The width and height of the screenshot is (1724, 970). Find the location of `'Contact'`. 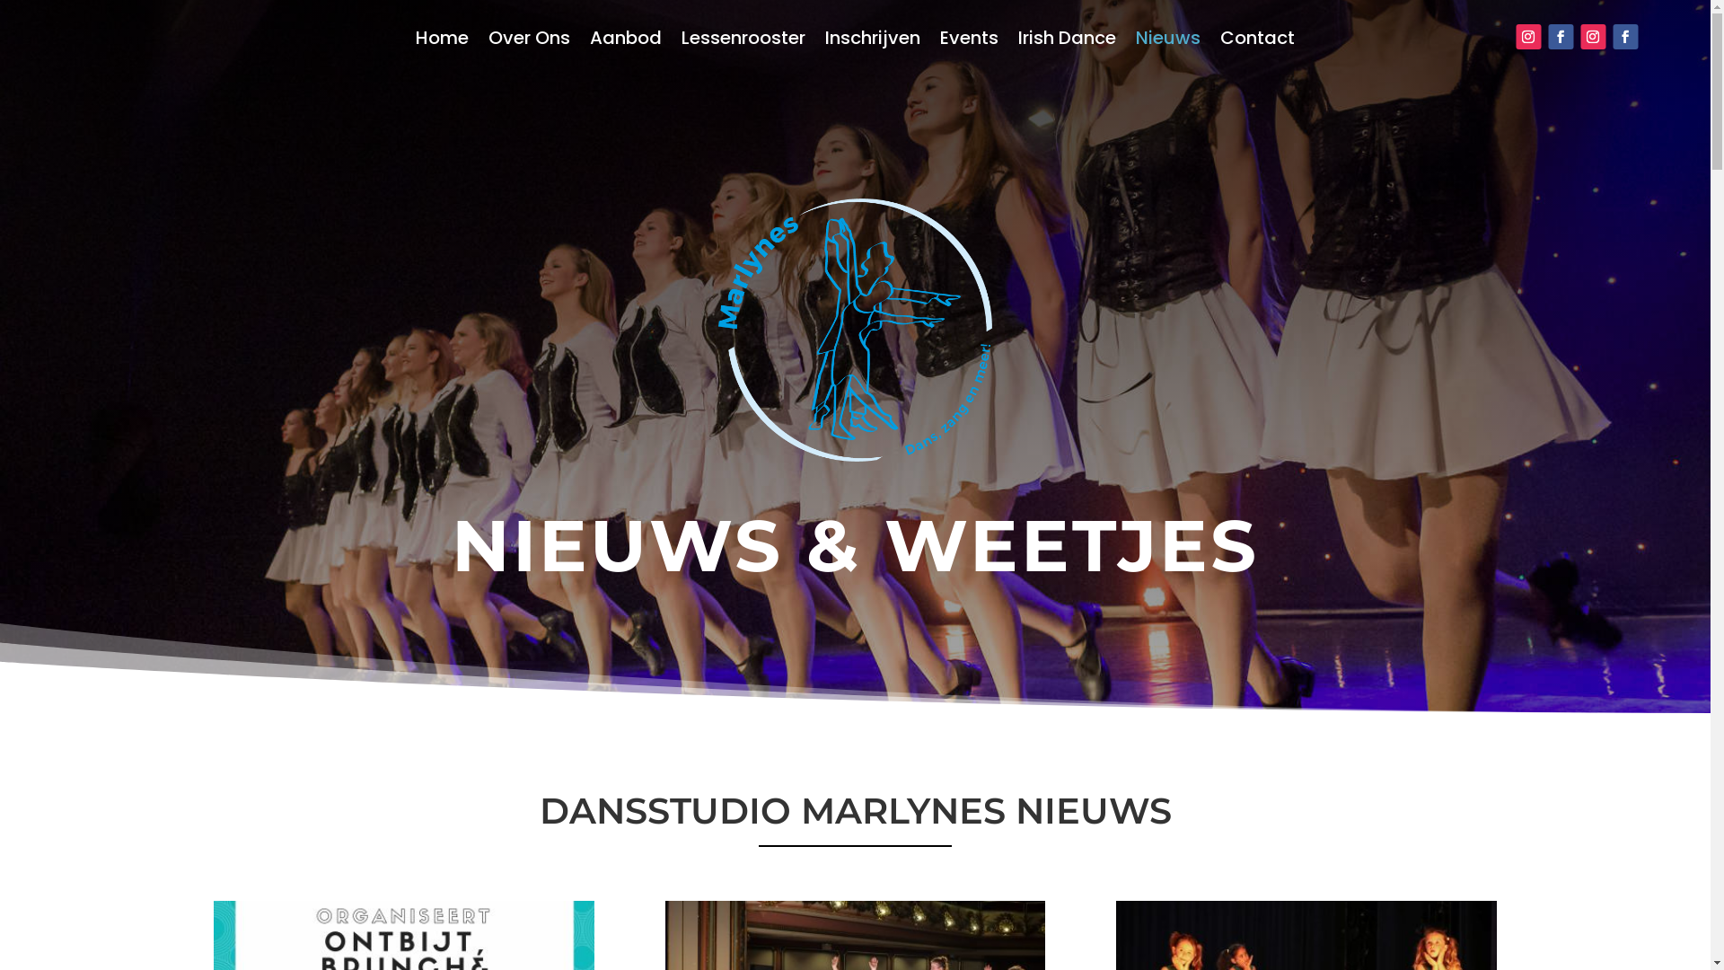

'Contact' is located at coordinates (1256, 40).